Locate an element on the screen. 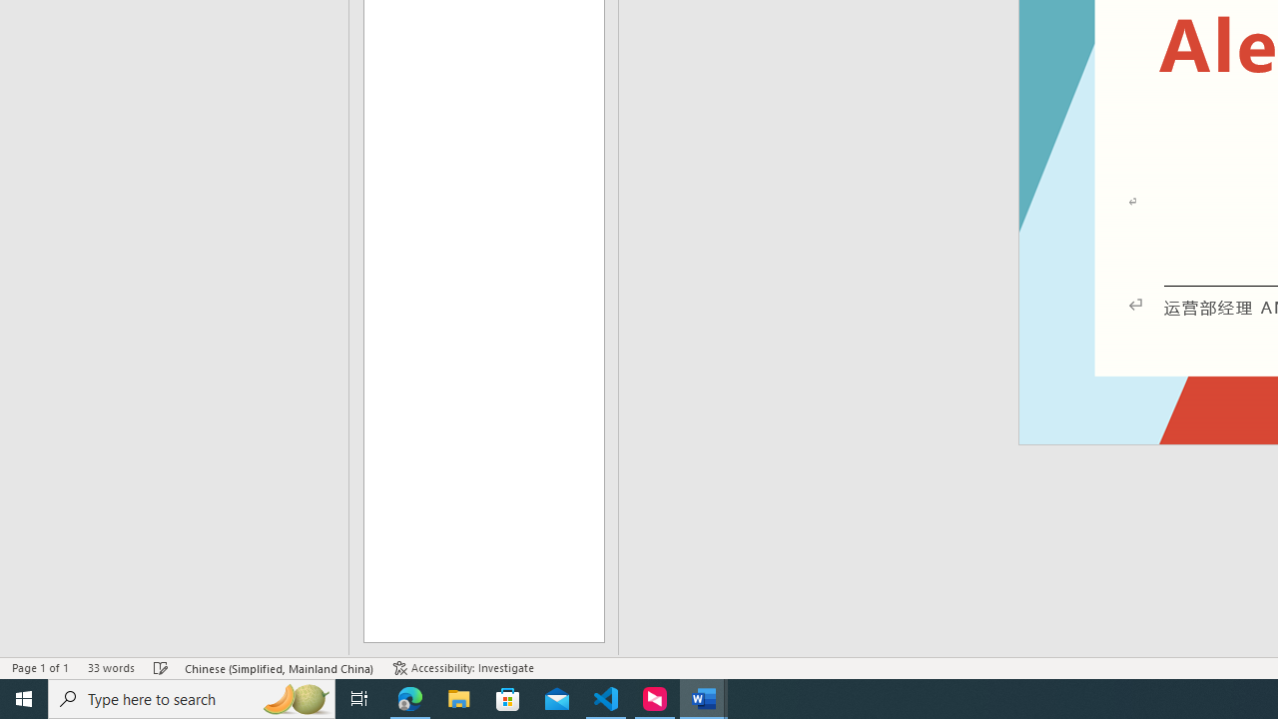 The width and height of the screenshot is (1278, 719). 'Accessibility Checker Accessibility: Investigate' is located at coordinates (462, 668).